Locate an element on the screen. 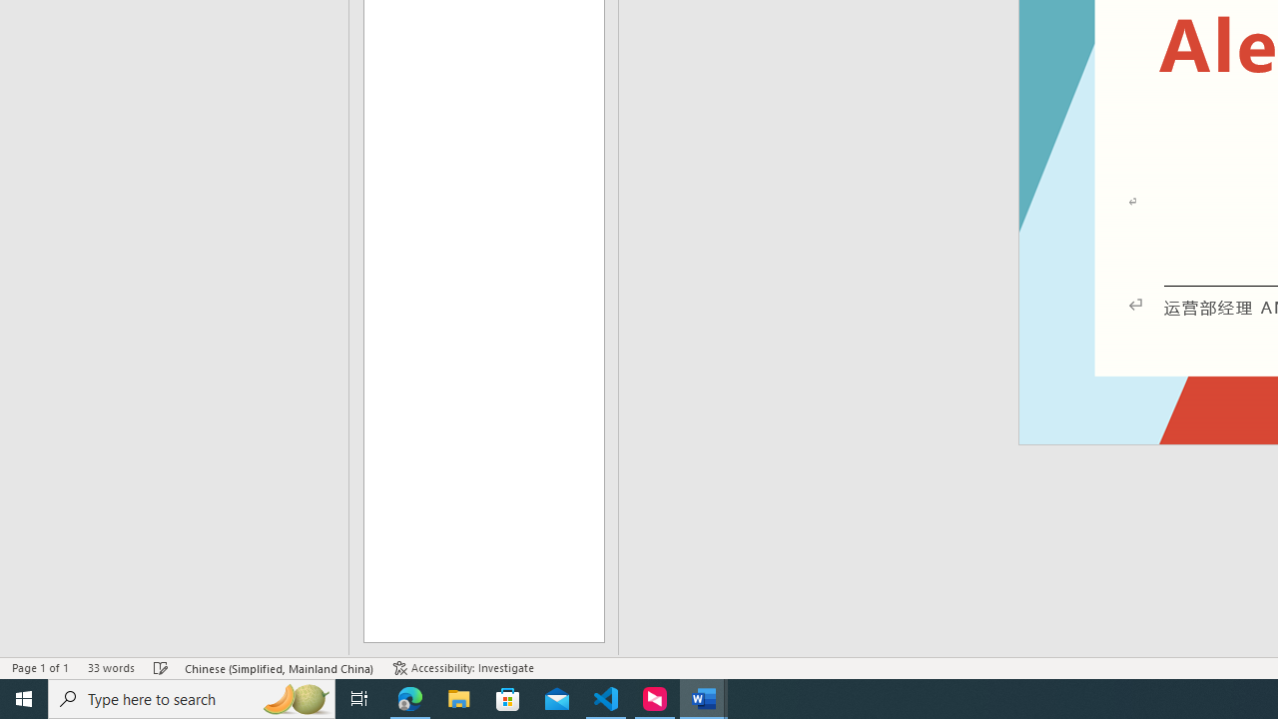 The width and height of the screenshot is (1278, 719). 'Accessibility Checker Accessibility: Investigate' is located at coordinates (462, 668).